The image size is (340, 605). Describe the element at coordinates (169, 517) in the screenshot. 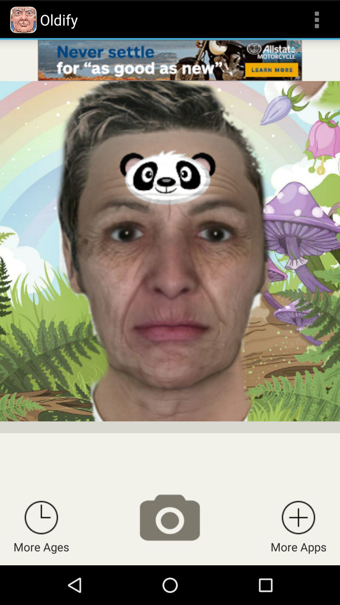

I see `take a photo` at that location.